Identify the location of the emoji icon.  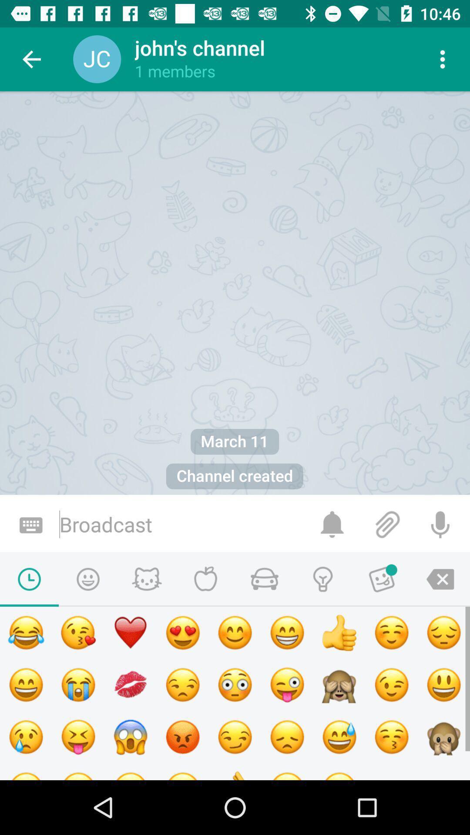
(131, 736).